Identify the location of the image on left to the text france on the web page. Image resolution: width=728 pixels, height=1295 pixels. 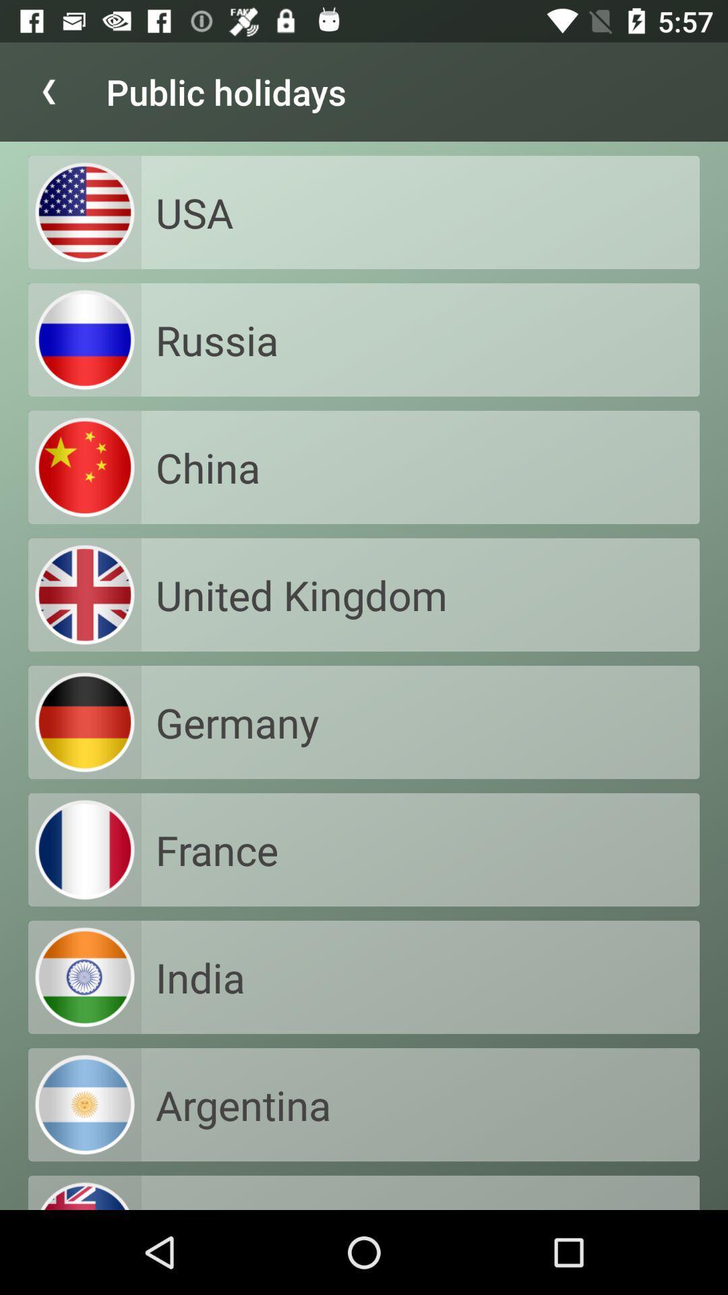
(85, 848).